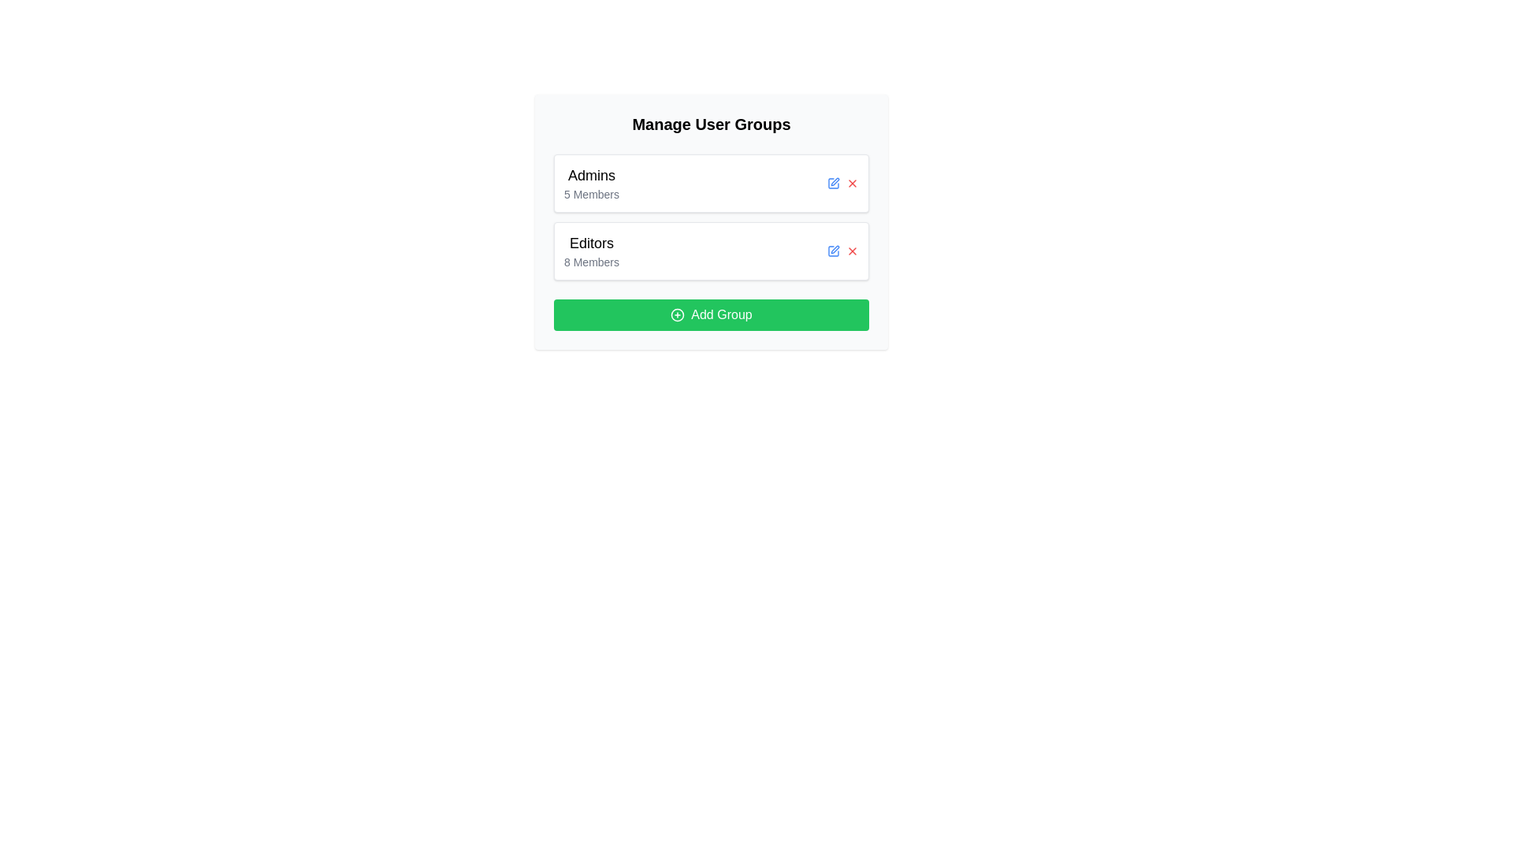  What do you see at coordinates (678, 315) in the screenshot?
I see `the outermost circle of the addition icon, which visually represents adding a new item or group, located to the left of the 'Add Group' button` at bounding box center [678, 315].